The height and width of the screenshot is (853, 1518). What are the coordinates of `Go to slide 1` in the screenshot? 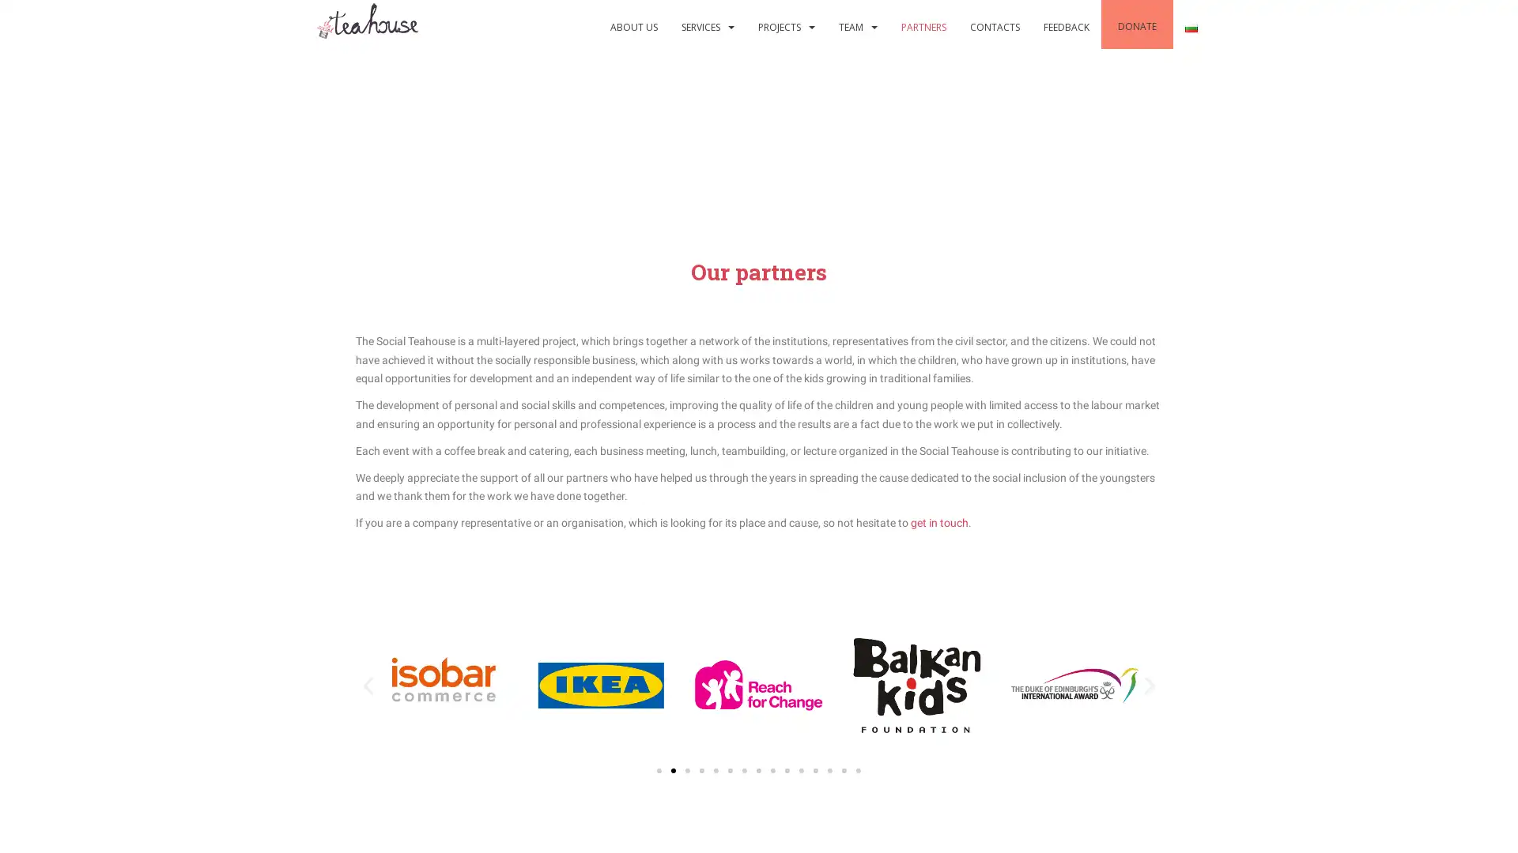 It's located at (659, 769).